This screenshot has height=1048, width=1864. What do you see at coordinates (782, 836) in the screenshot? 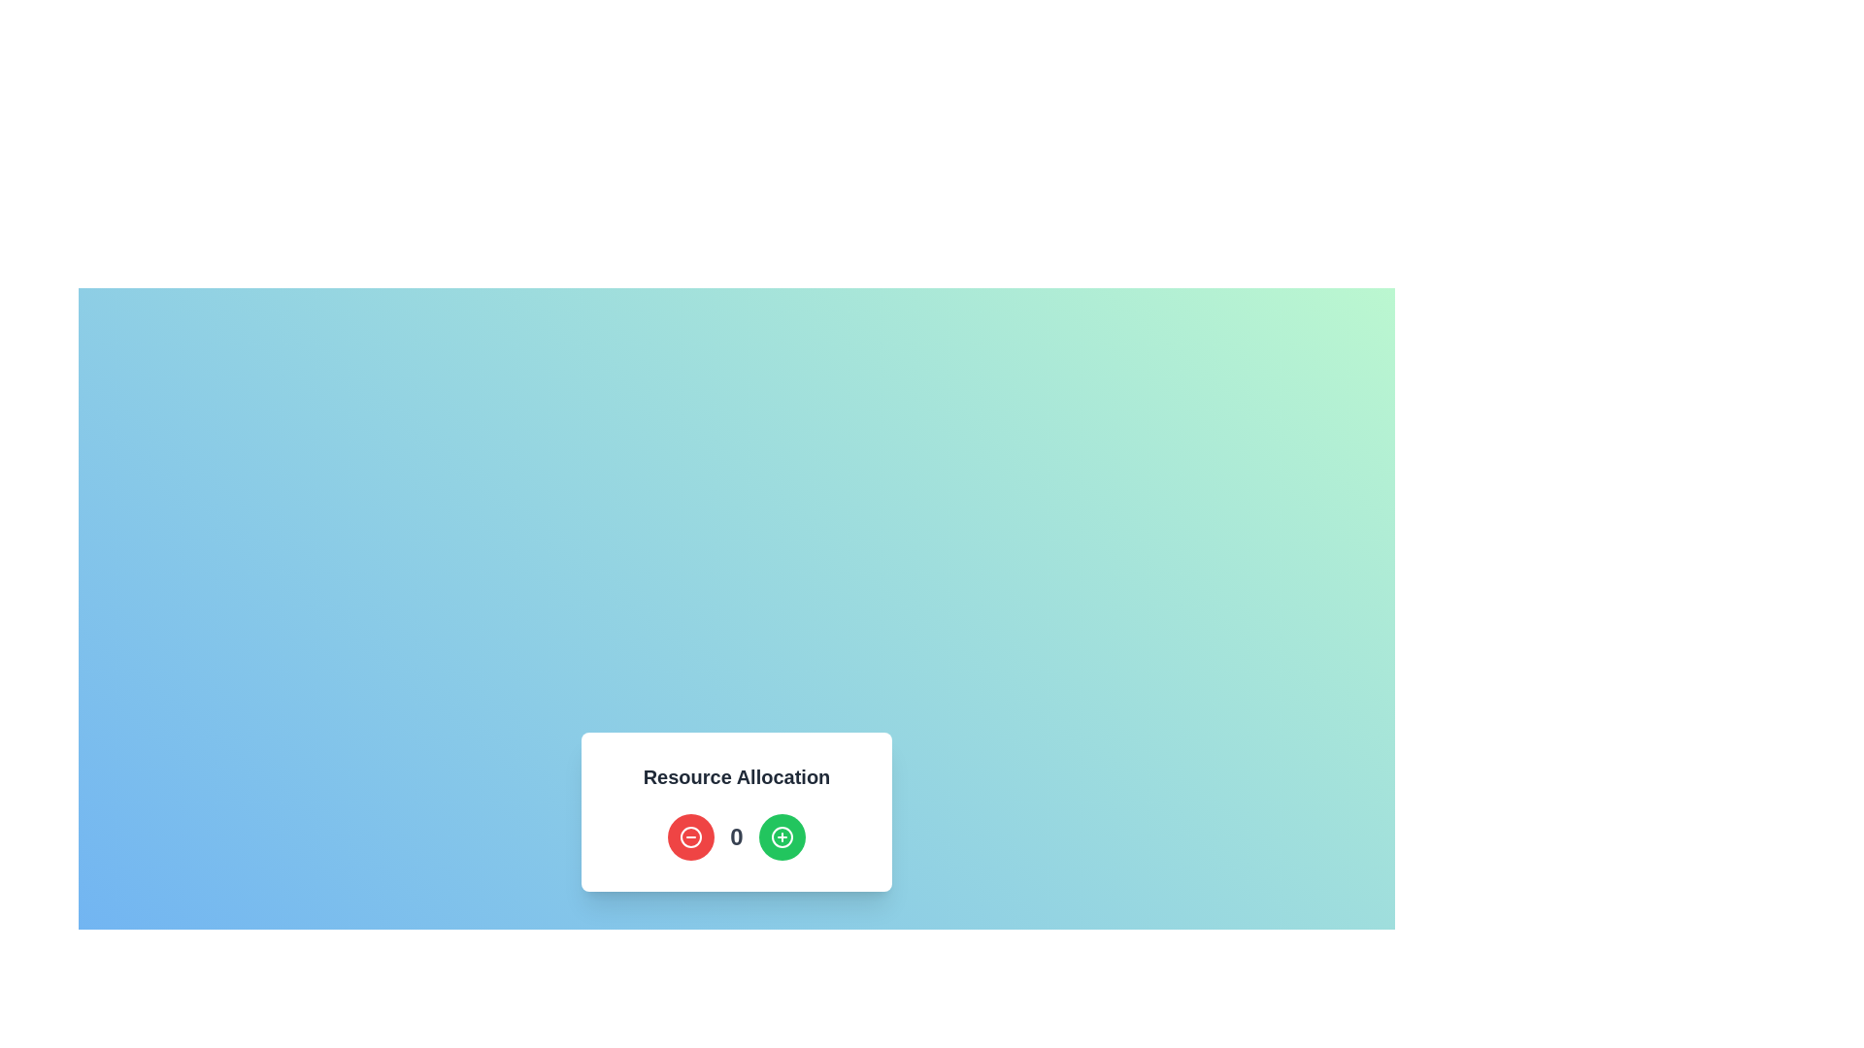
I see `the green circular button with a centered plus symbol to increment the value` at bounding box center [782, 836].